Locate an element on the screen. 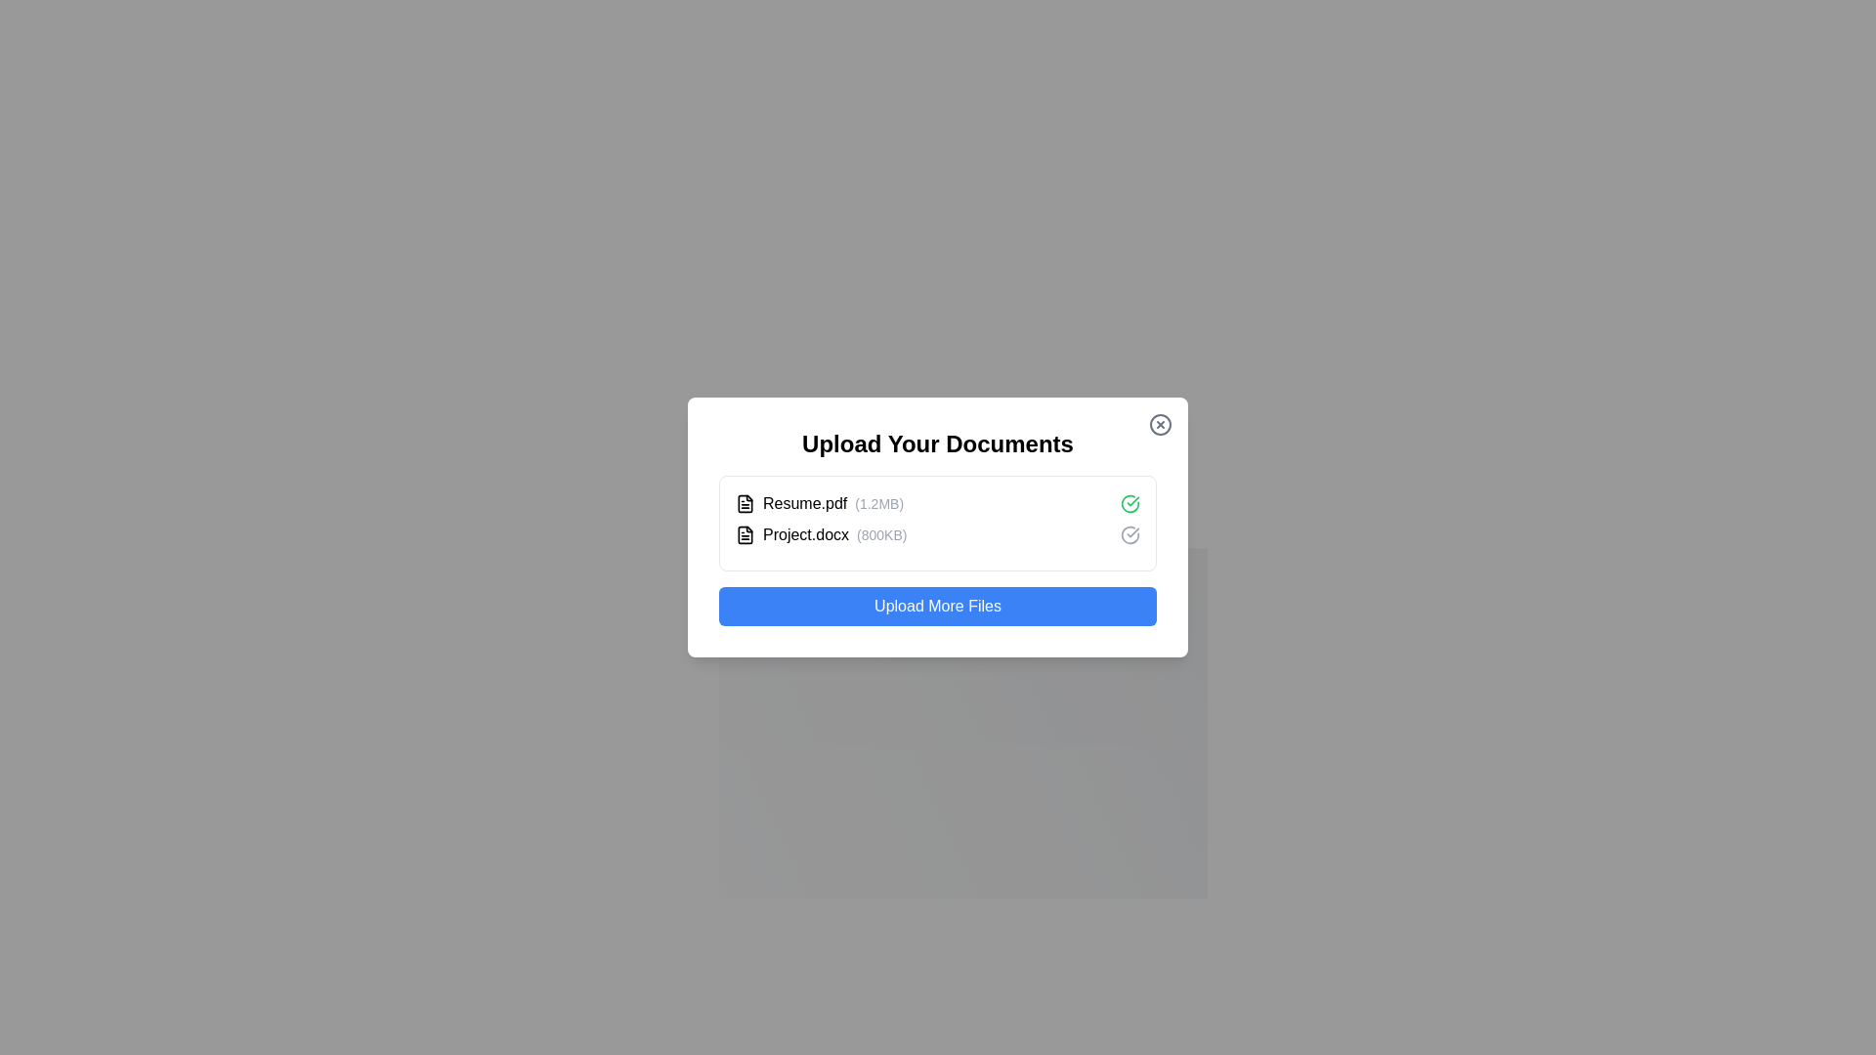 Image resolution: width=1876 pixels, height=1055 pixels. the green circular checkmark icon located on the right side of the row displaying the file information for 'Resume.pdf (1.2MB)' is located at coordinates (1130, 503).